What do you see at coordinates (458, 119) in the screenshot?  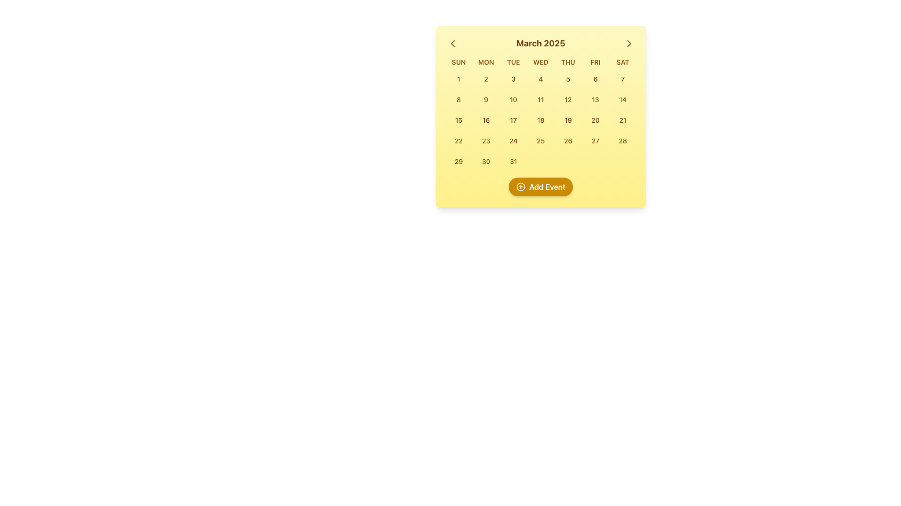 I see `the interactive calendar cell representing the date '15' for March 2025` at bounding box center [458, 119].